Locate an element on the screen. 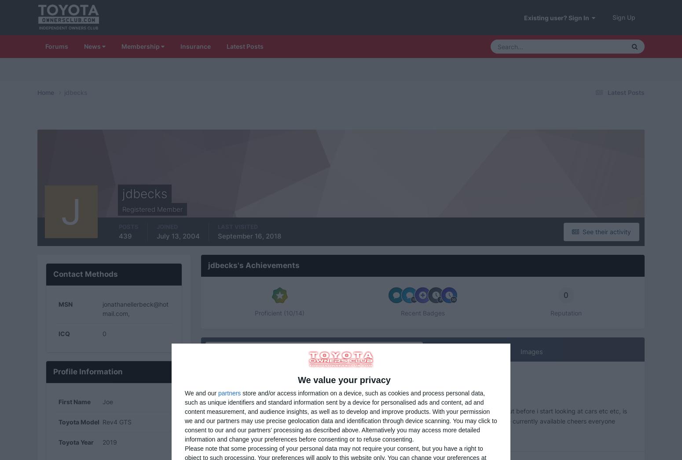  'Proficient (10/14)' is located at coordinates (279, 312).